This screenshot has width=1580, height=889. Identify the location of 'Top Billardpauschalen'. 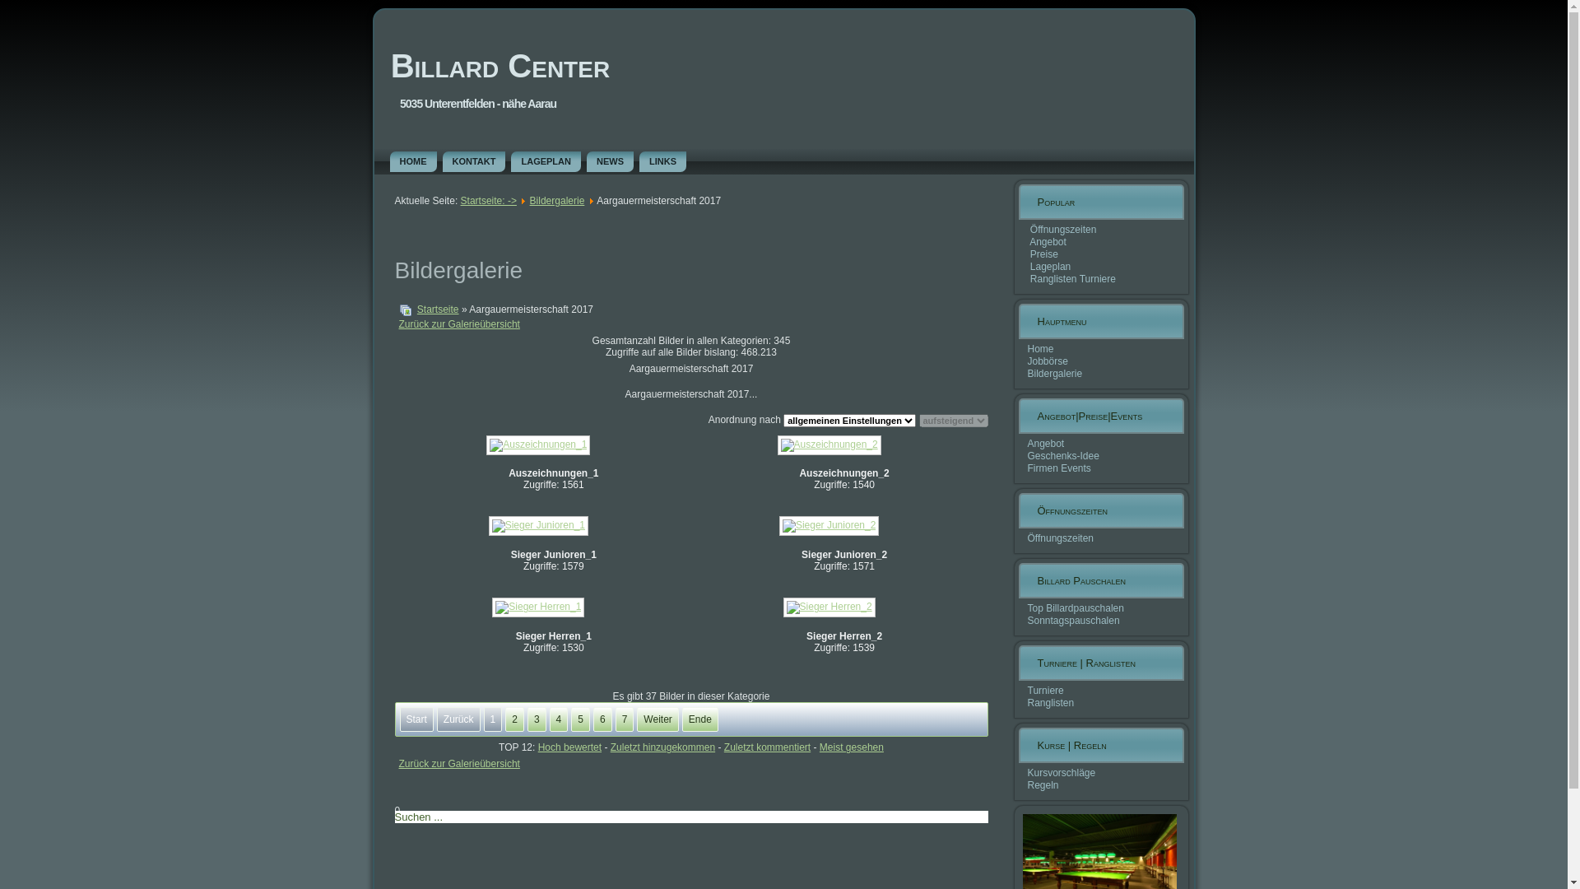
(1075, 608).